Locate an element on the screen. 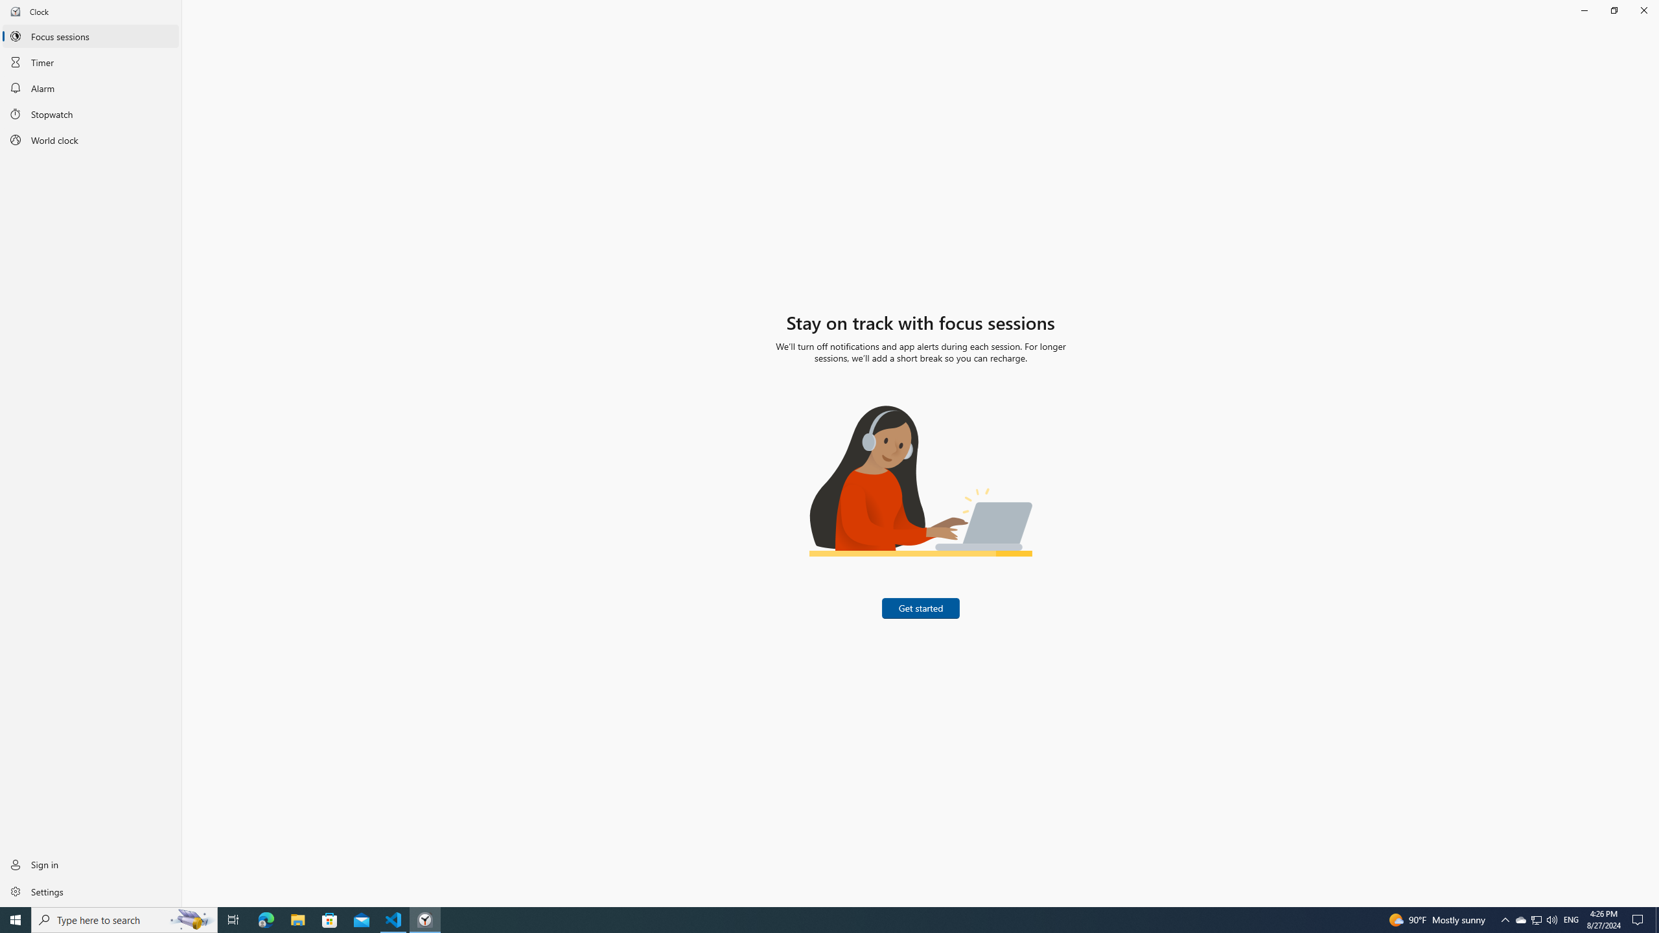  'Close Clock' is located at coordinates (1643, 10).